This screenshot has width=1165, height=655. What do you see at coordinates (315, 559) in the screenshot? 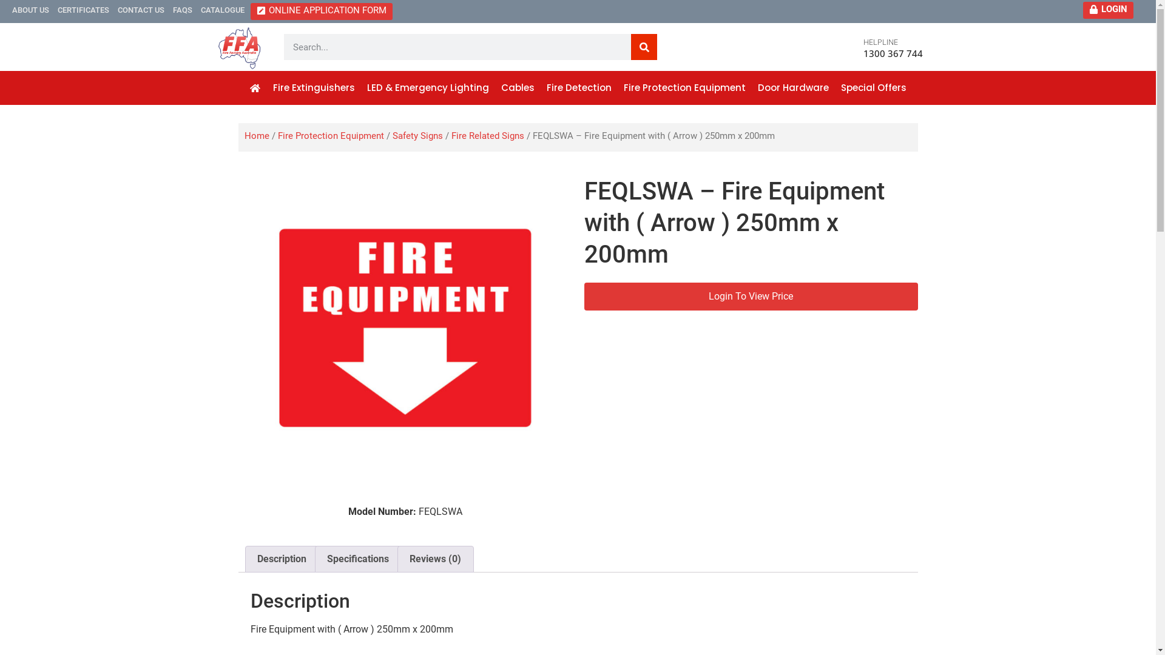
I see `'Specifications'` at bounding box center [315, 559].